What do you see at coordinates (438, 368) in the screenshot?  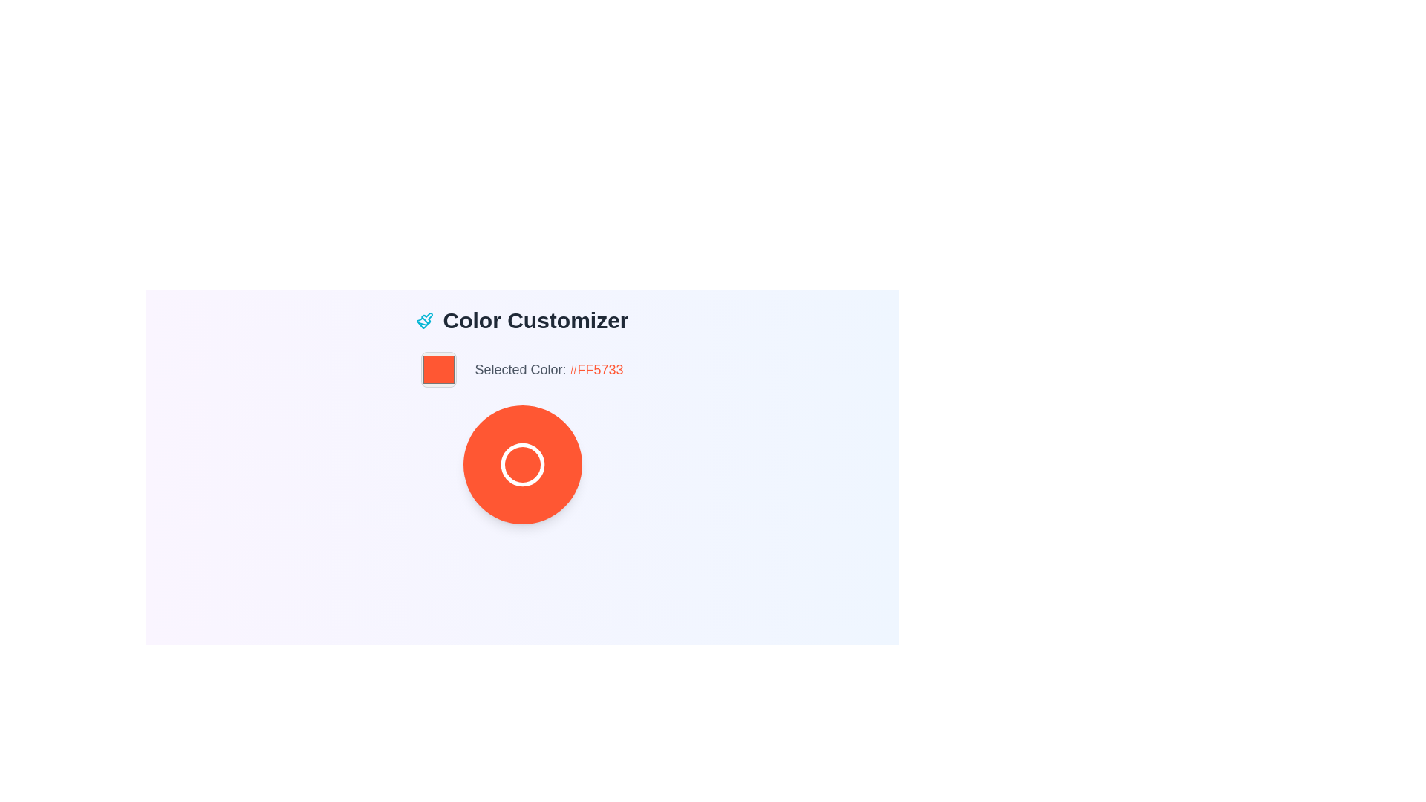 I see `the Interactive Color Display element, which is a small square with rounded corners and a bold #FF5733 color` at bounding box center [438, 368].